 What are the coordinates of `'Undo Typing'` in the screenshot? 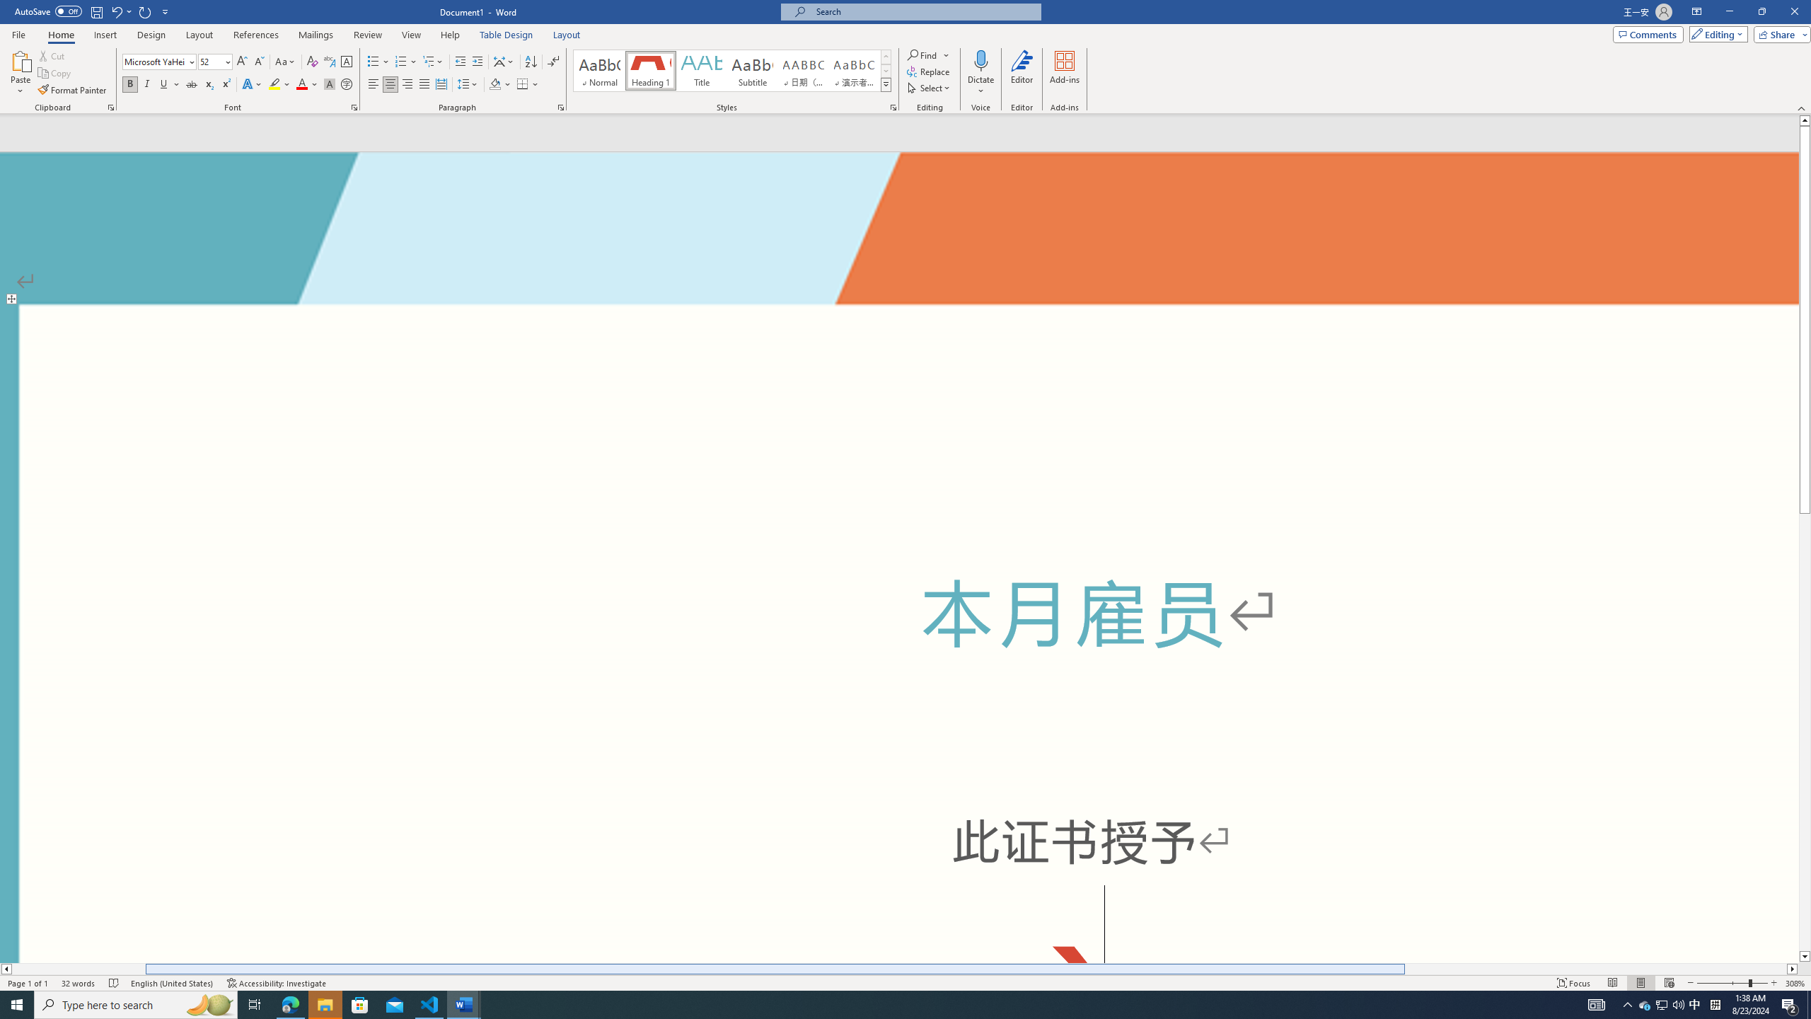 It's located at (120, 11).